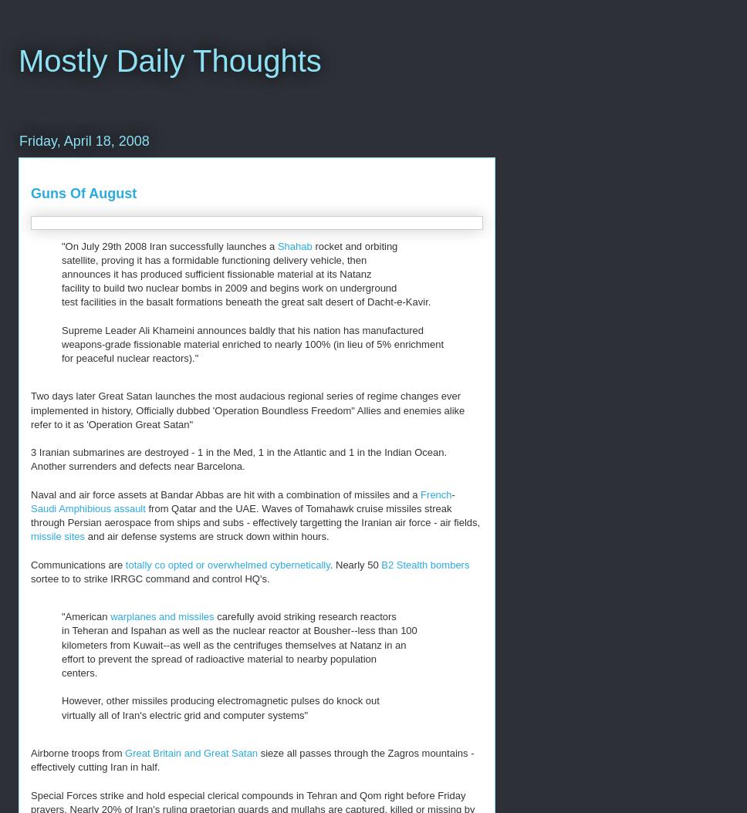 The width and height of the screenshot is (747, 813). Describe the element at coordinates (79, 673) in the screenshot. I see `'centers.'` at that location.